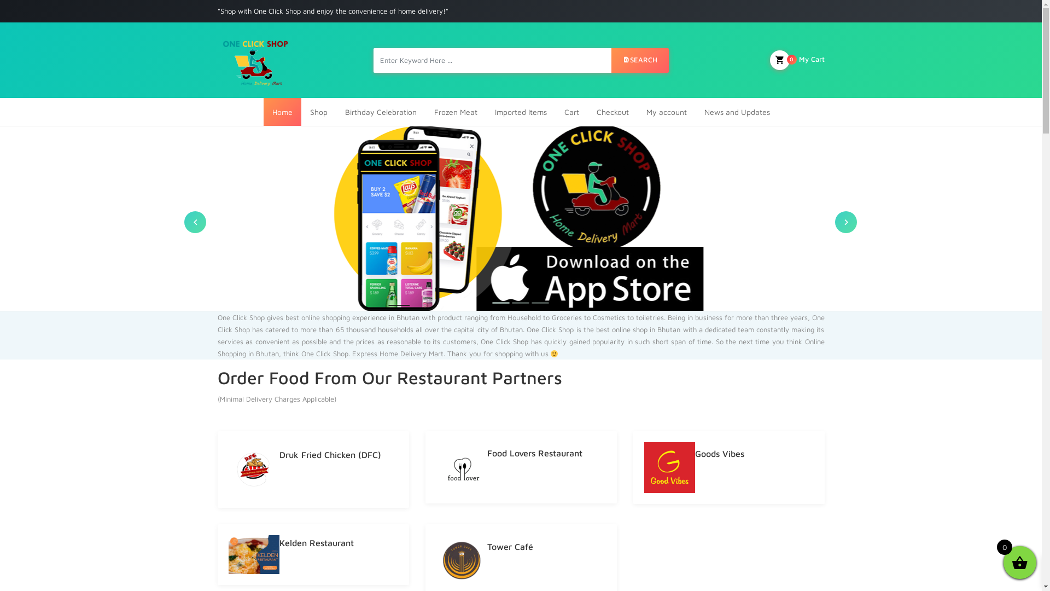  I want to click on 'largest and best online shop in Bhutan', so click(258, 60).